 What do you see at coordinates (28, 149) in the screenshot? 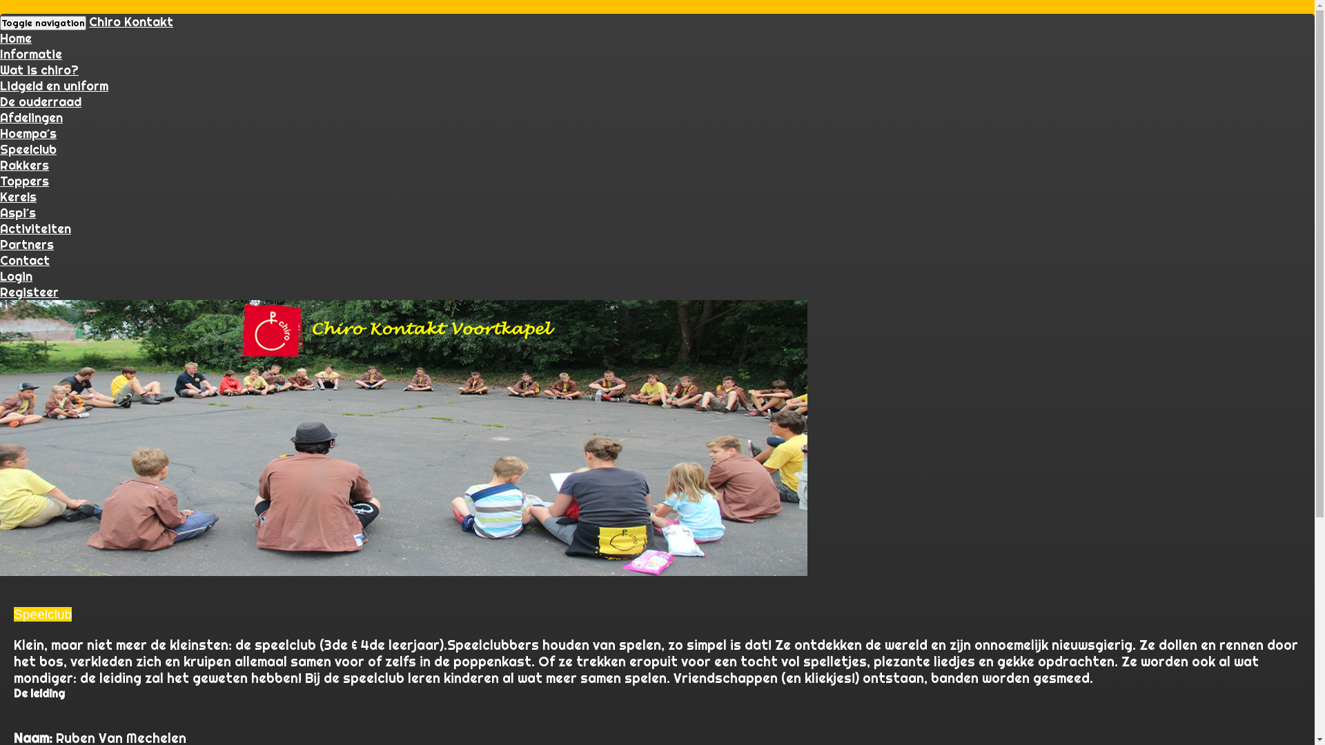
I see `'Speelclub'` at bounding box center [28, 149].